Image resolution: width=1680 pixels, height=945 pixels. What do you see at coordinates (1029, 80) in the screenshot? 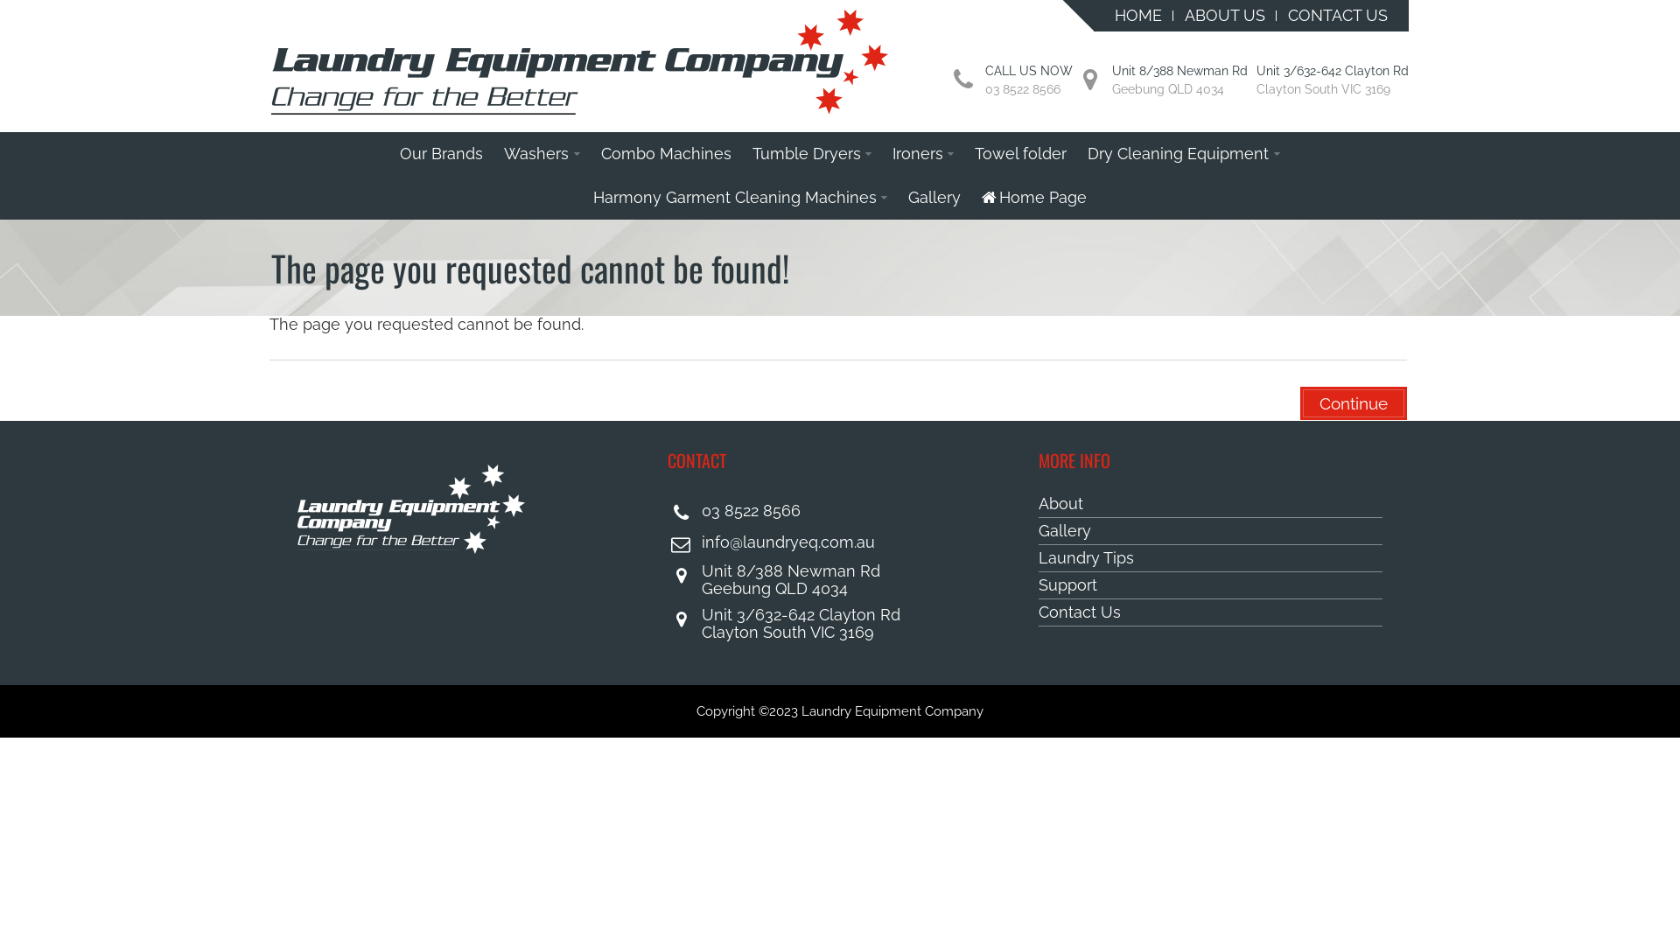
I see `'CALL US NOW` at bounding box center [1029, 80].